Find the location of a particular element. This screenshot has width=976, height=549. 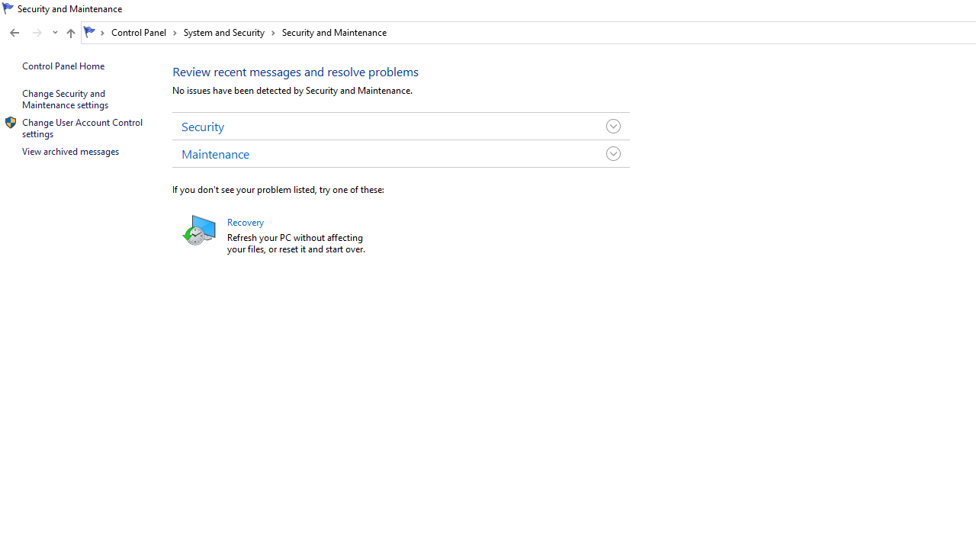

'Up band toolbar' is located at coordinates (69, 34).